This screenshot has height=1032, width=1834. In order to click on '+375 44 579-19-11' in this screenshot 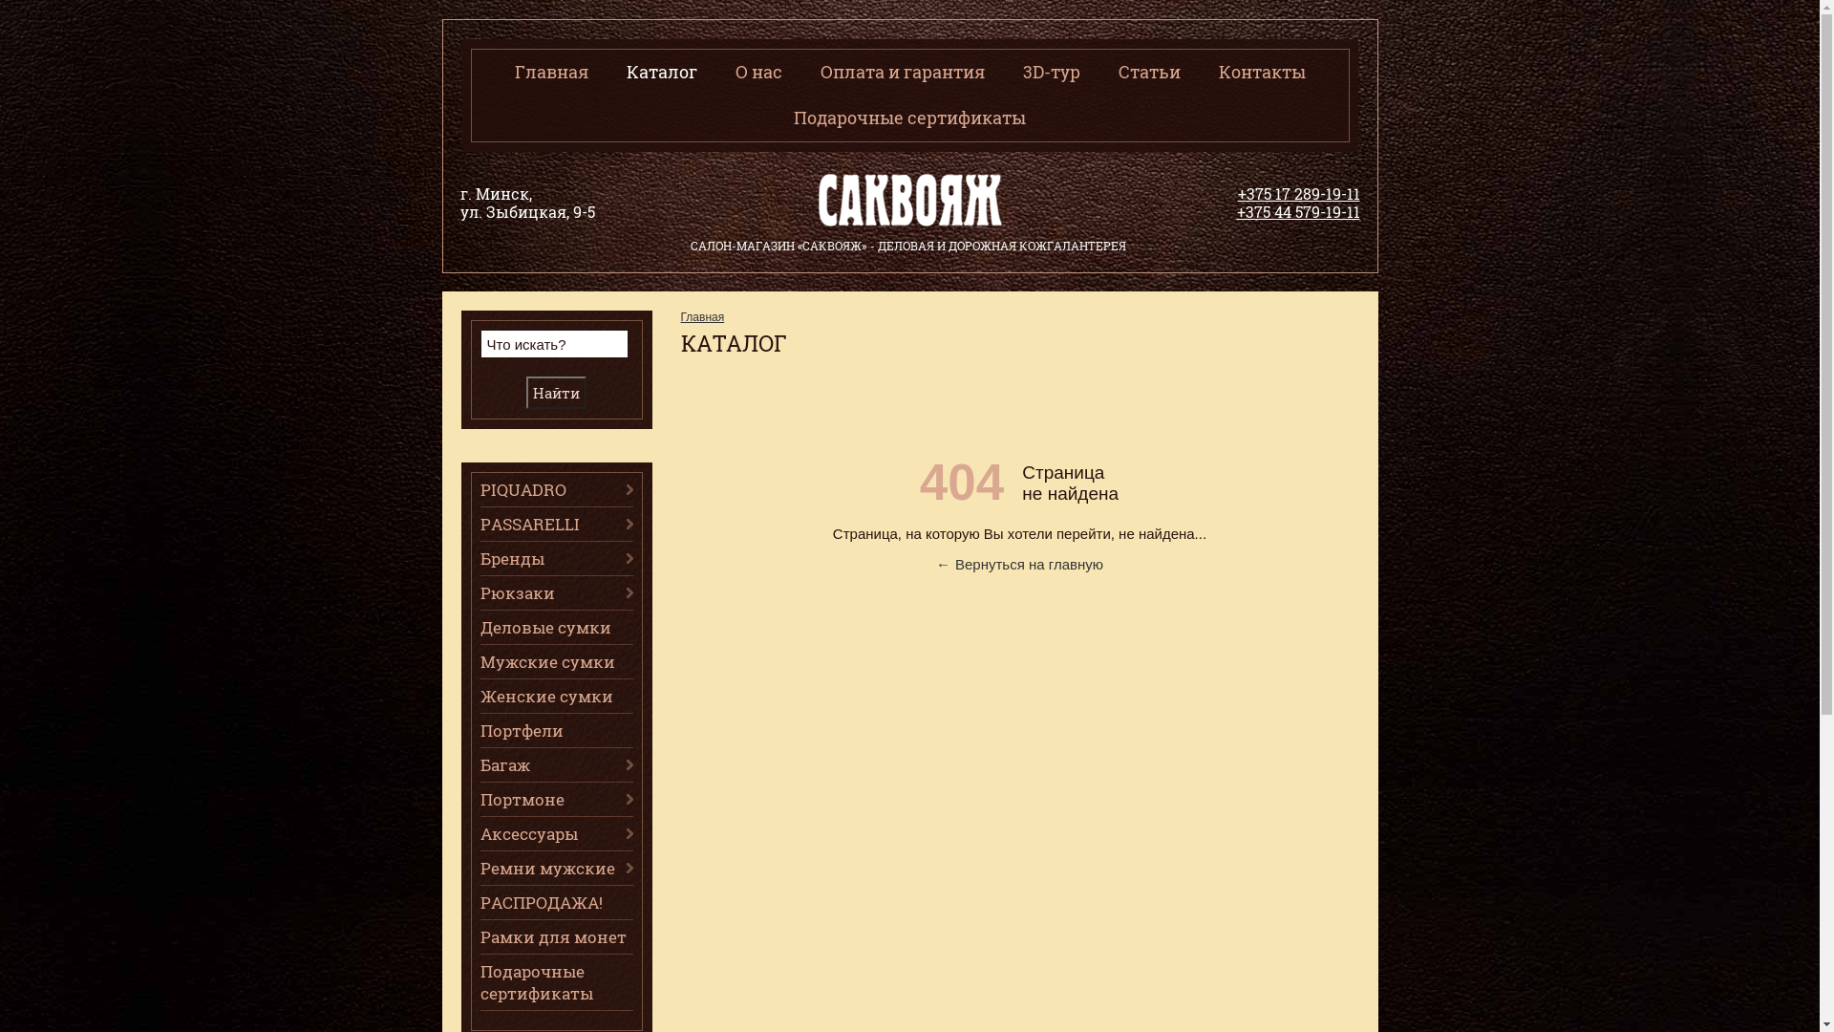, I will do `click(1297, 211)`.